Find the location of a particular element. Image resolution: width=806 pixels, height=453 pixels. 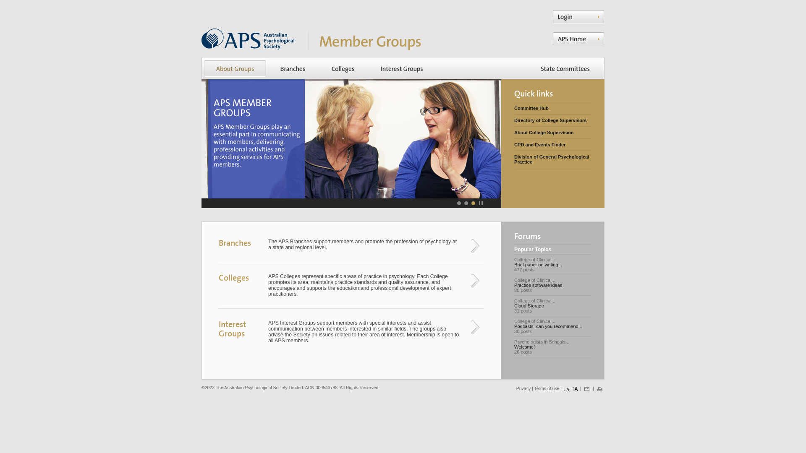

'Email this page to a friend' is located at coordinates (586, 389).